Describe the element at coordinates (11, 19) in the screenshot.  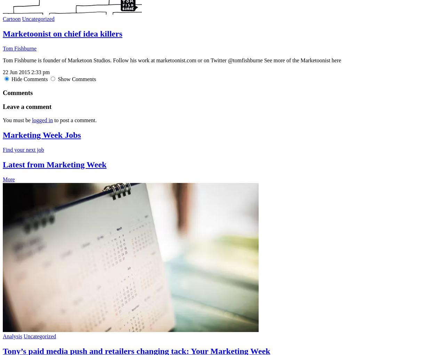
I see `'Cartoon'` at that location.